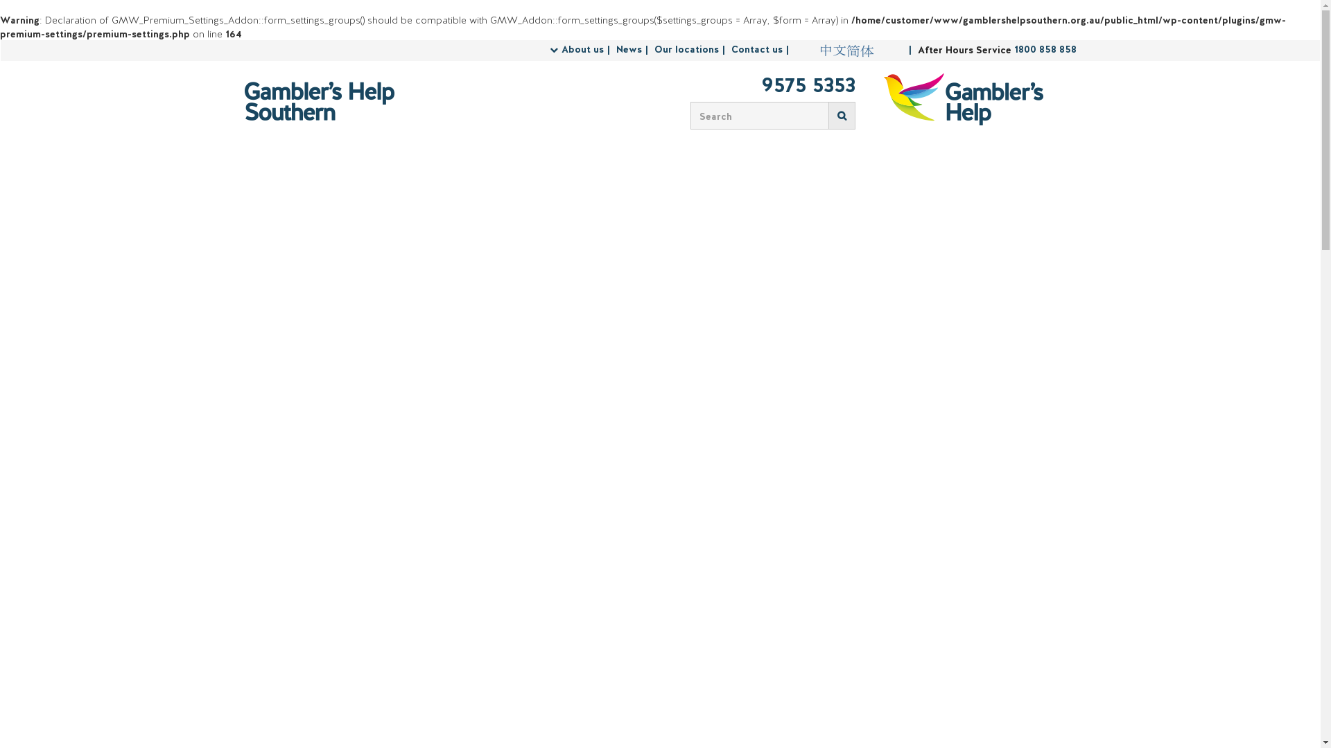 Image resolution: width=1331 pixels, height=748 pixels. Describe the element at coordinates (587, 49) in the screenshot. I see `'About us'` at that location.